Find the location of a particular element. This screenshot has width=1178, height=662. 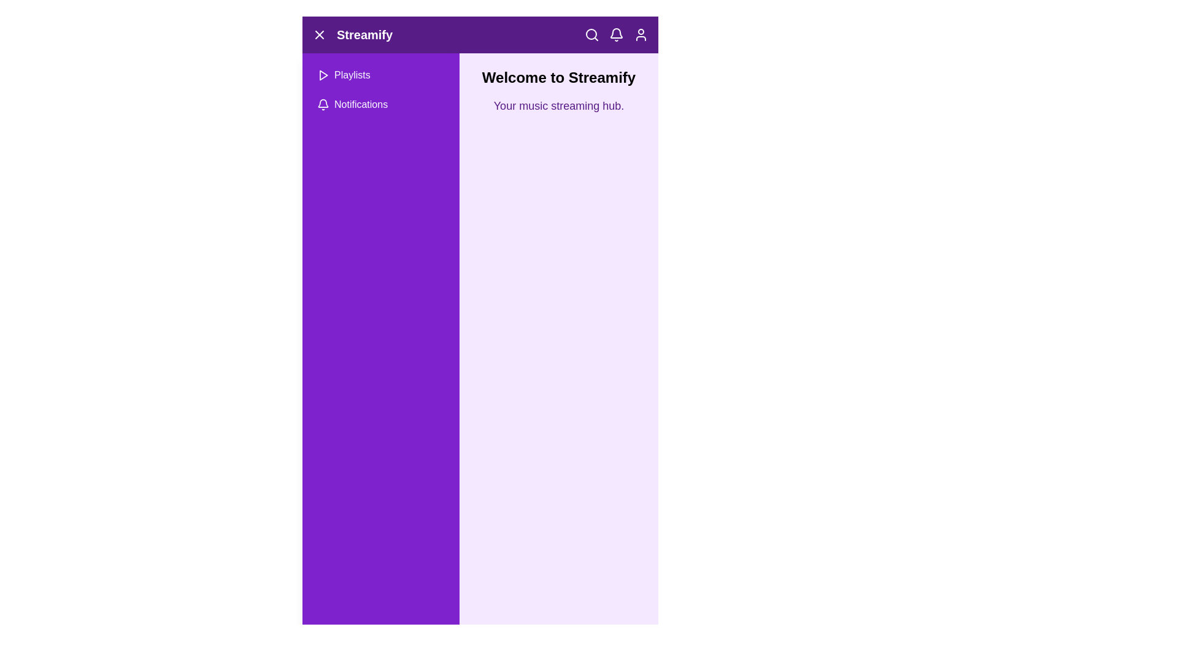

text of the 'Streamify' label, which is displayed in bold and located centrally within the purple header bar is located at coordinates (352, 34).